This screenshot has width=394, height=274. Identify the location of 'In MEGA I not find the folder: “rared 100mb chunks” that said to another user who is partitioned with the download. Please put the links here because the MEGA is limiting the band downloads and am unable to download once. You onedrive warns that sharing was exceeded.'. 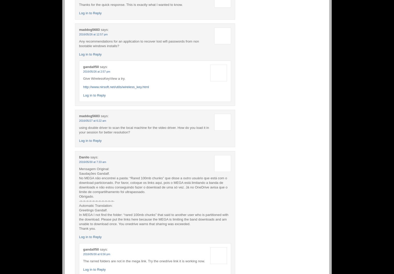
(154, 219).